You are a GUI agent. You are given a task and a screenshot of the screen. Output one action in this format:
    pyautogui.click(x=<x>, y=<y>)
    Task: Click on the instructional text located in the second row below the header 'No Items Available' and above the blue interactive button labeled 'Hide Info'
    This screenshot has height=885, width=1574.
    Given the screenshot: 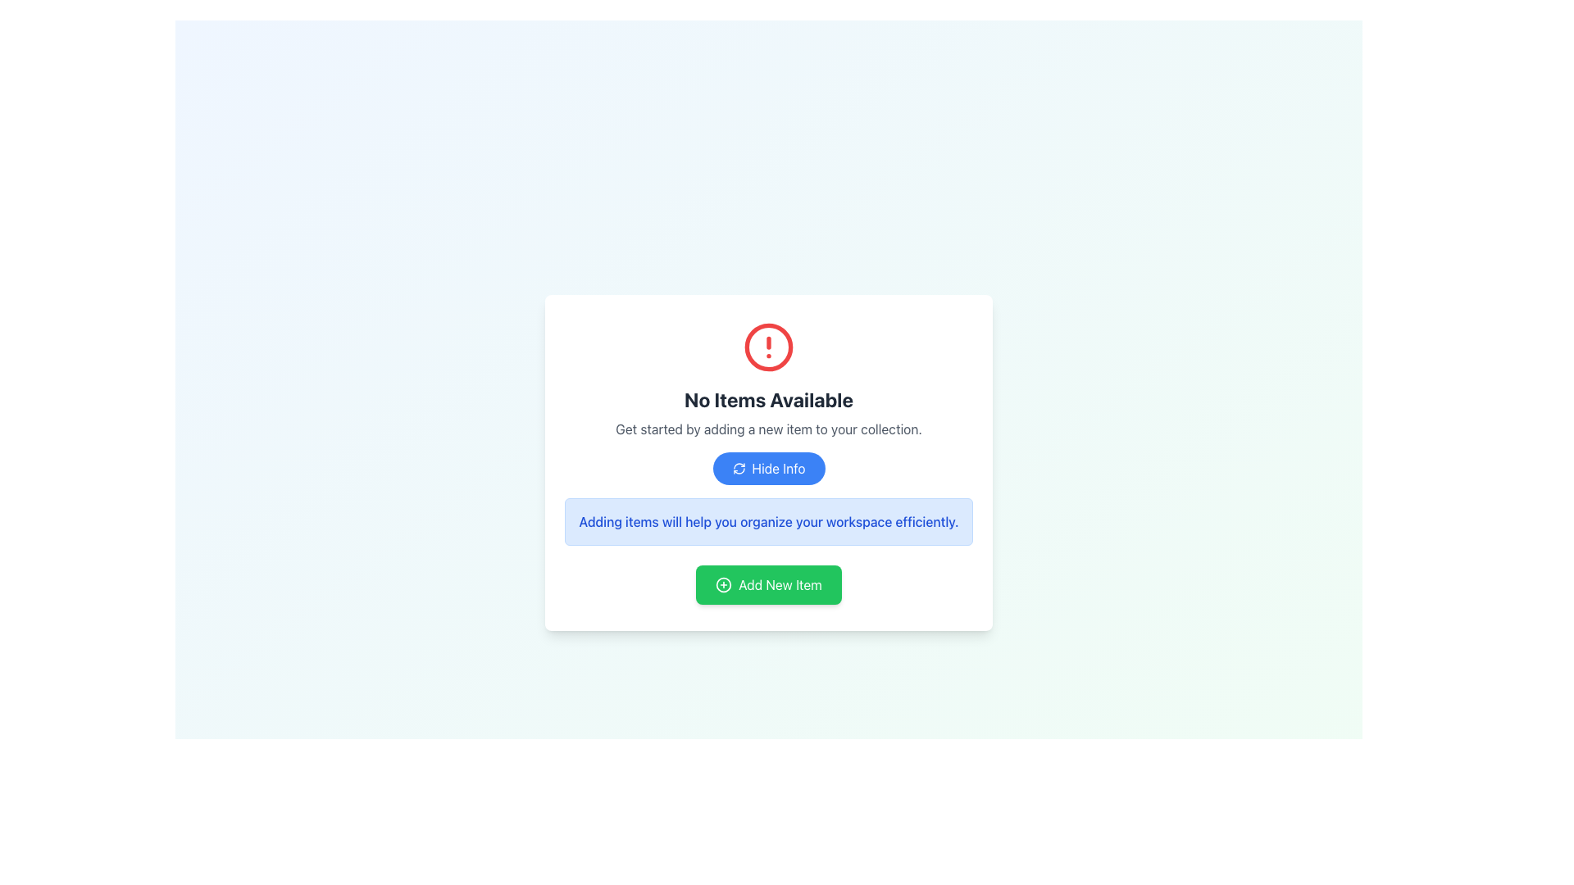 What is the action you would take?
    pyautogui.click(x=767, y=429)
    